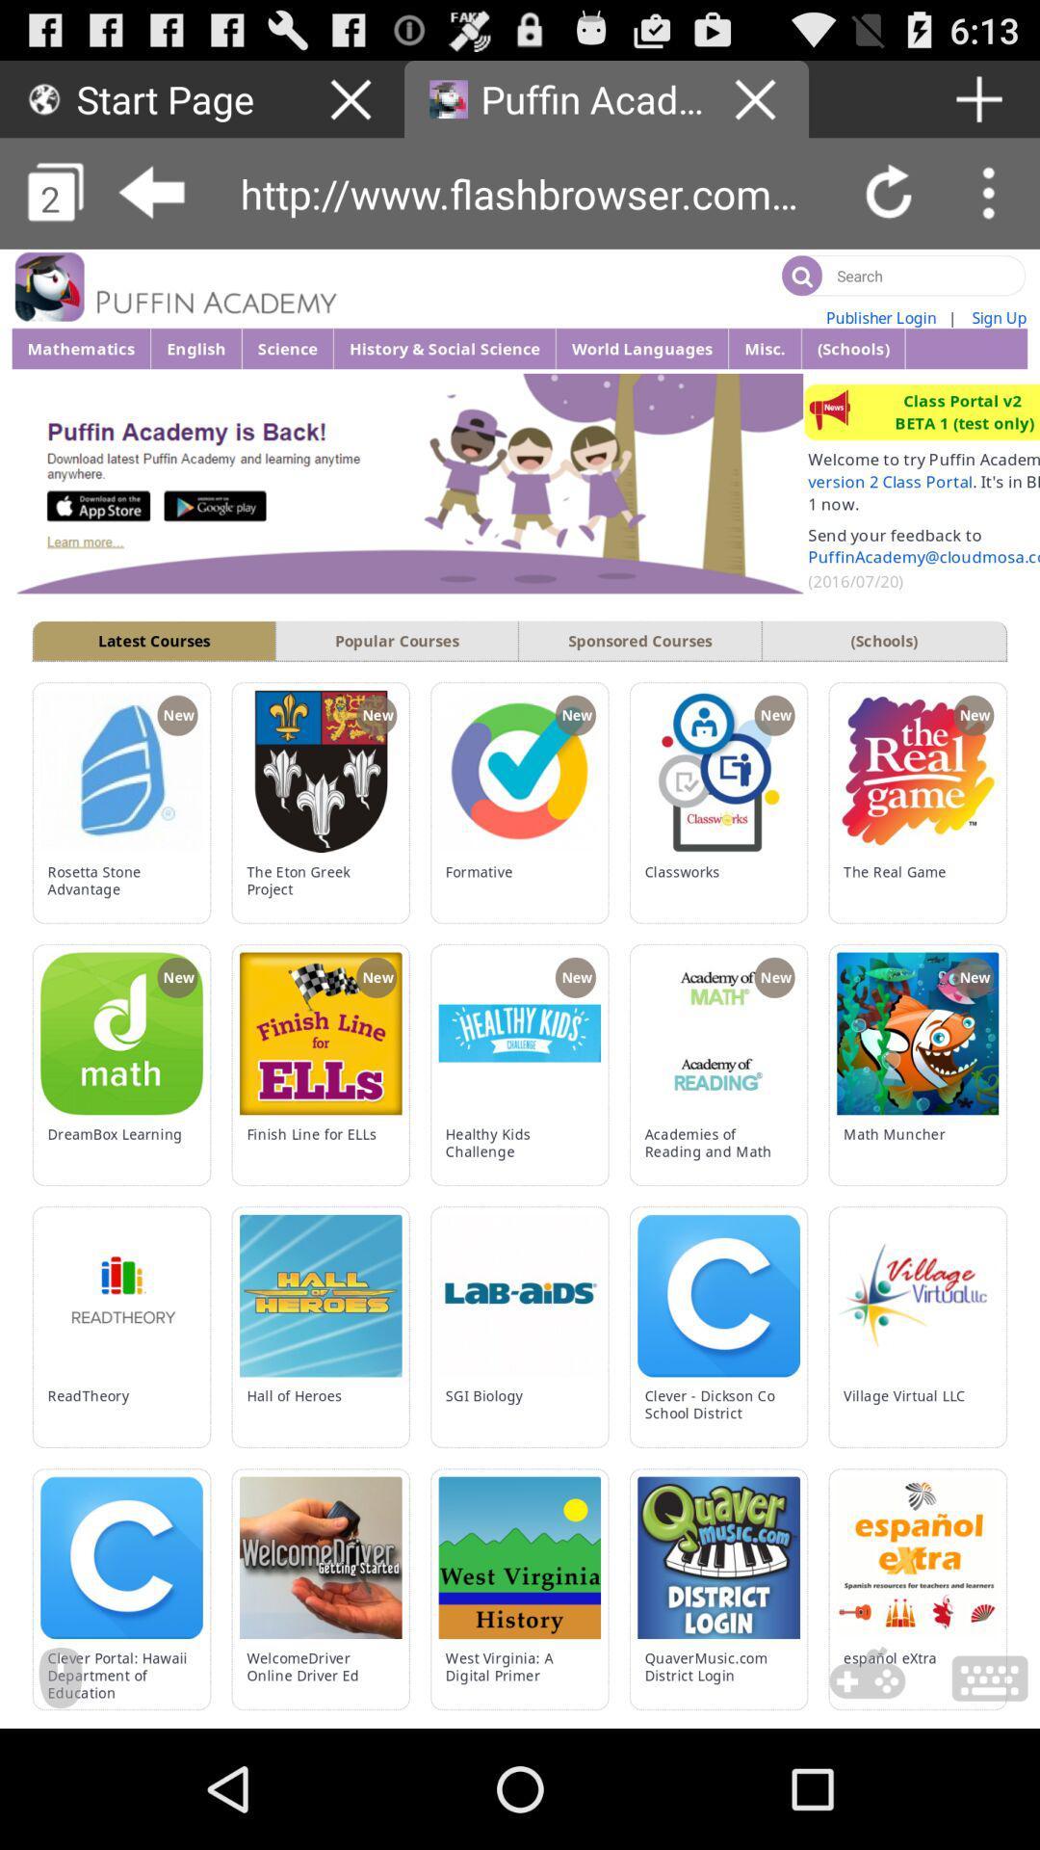 This screenshot has height=1850, width=1040. What do you see at coordinates (984, 1794) in the screenshot?
I see `the wallpaper icon` at bounding box center [984, 1794].